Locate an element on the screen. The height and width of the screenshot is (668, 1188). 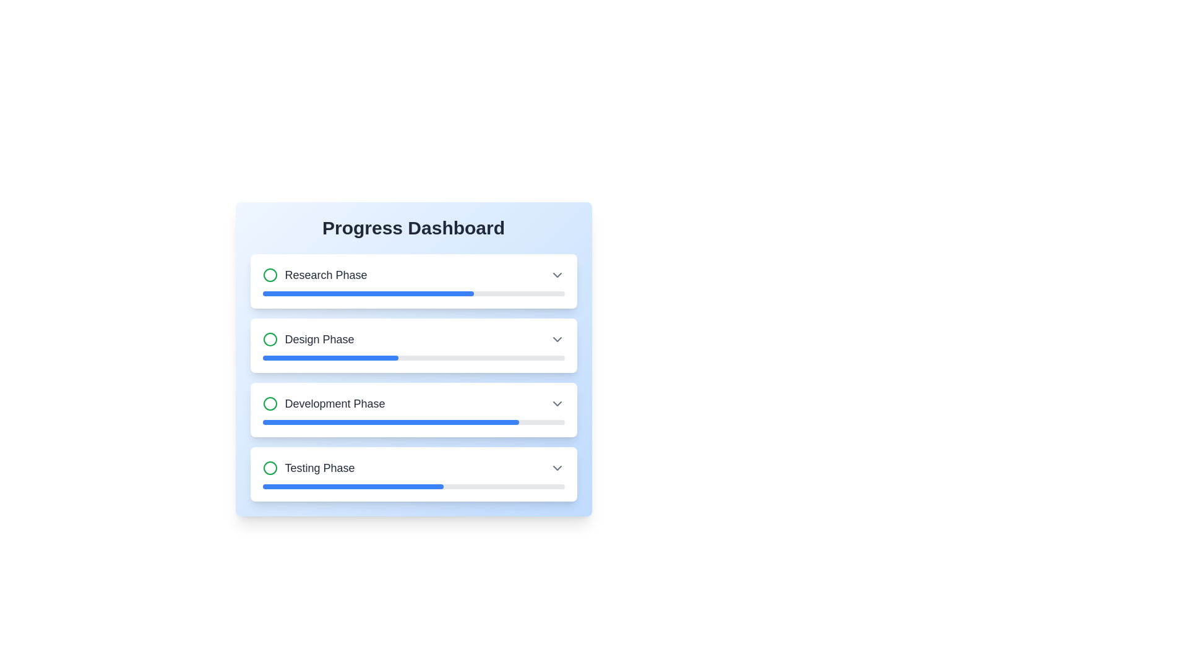
the blue-colored progress bar within the 'Testing Phase' section of the progress dashboard is located at coordinates (352, 486).